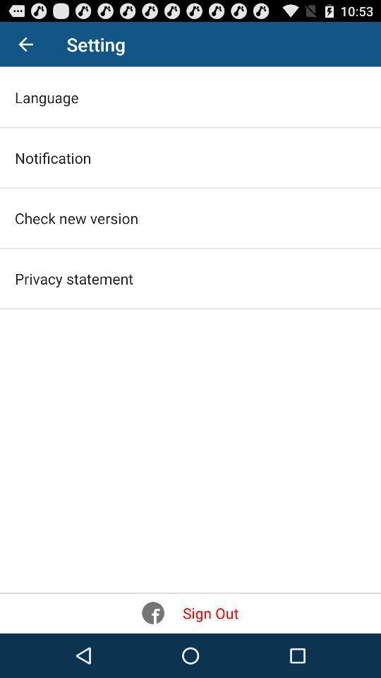 The width and height of the screenshot is (381, 678). Describe the element at coordinates (25, 44) in the screenshot. I see `item next to the setting` at that location.